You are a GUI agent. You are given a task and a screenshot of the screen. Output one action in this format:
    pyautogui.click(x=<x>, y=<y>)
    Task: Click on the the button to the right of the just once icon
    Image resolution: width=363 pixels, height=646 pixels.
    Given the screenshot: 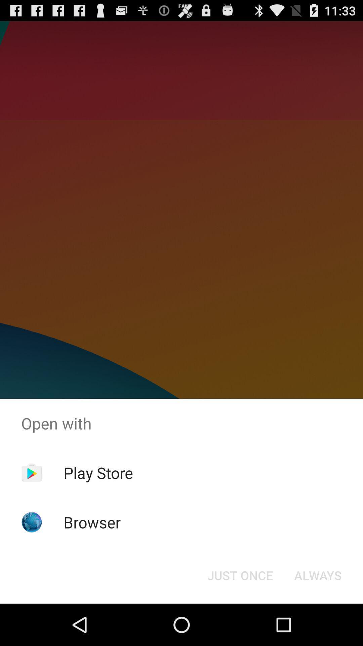 What is the action you would take?
    pyautogui.click(x=318, y=575)
    